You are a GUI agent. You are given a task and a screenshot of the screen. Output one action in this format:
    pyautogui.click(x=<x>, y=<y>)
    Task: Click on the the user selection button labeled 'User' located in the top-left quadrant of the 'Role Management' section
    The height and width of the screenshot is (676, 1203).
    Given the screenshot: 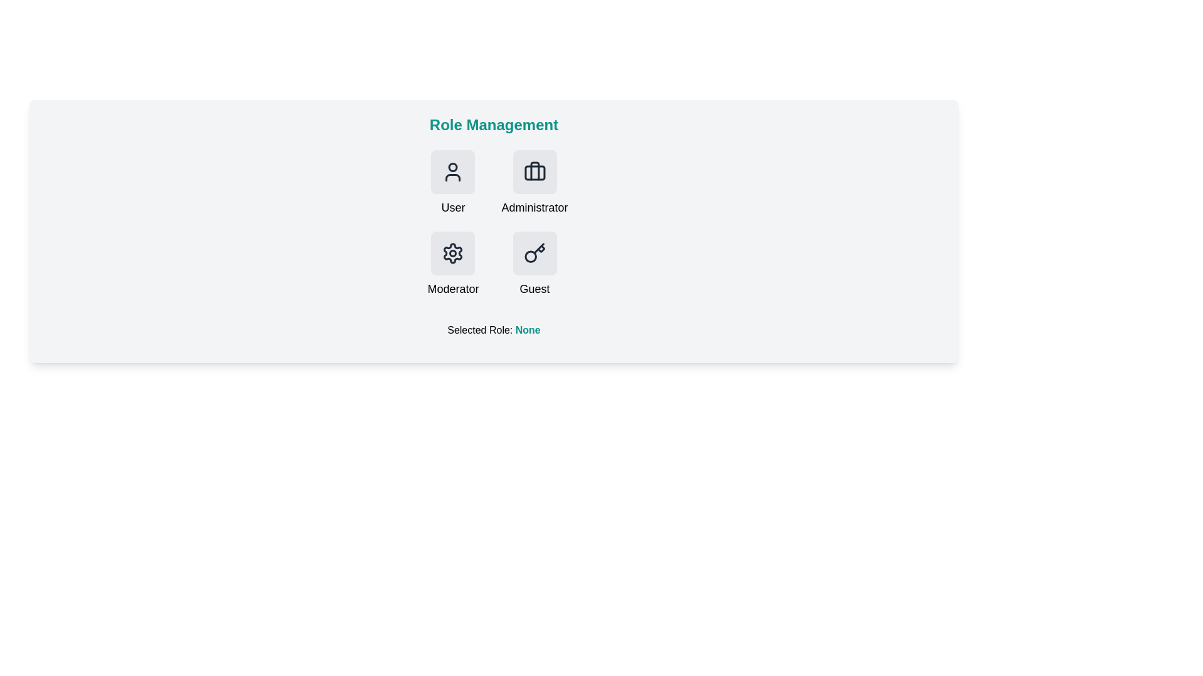 What is the action you would take?
    pyautogui.click(x=452, y=183)
    